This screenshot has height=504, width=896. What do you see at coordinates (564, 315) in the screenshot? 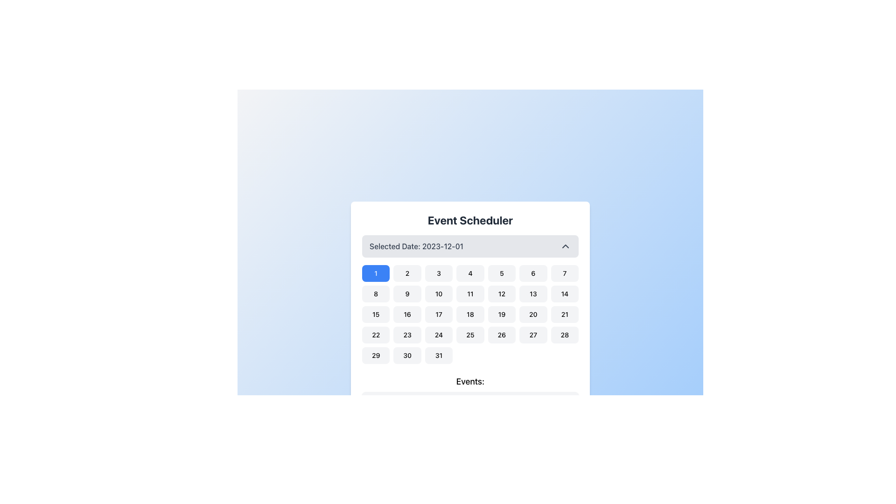
I see `the button displaying the number '21' in black text` at bounding box center [564, 315].